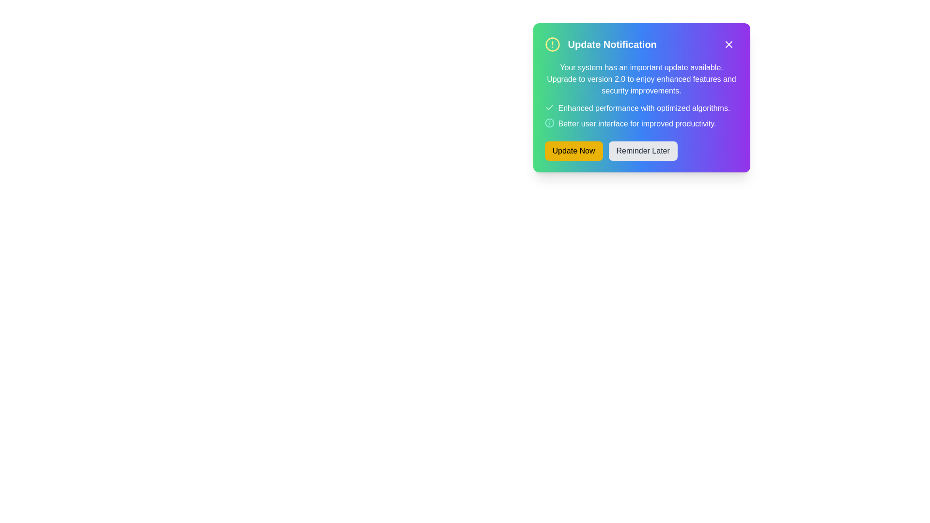  What do you see at coordinates (641, 115) in the screenshot?
I see `the informational text located within the 'Update Notification' modal, positioned below the main descriptive text and above the 'Update Now' and 'Reminder Later' buttons` at bounding box center [641, 115].